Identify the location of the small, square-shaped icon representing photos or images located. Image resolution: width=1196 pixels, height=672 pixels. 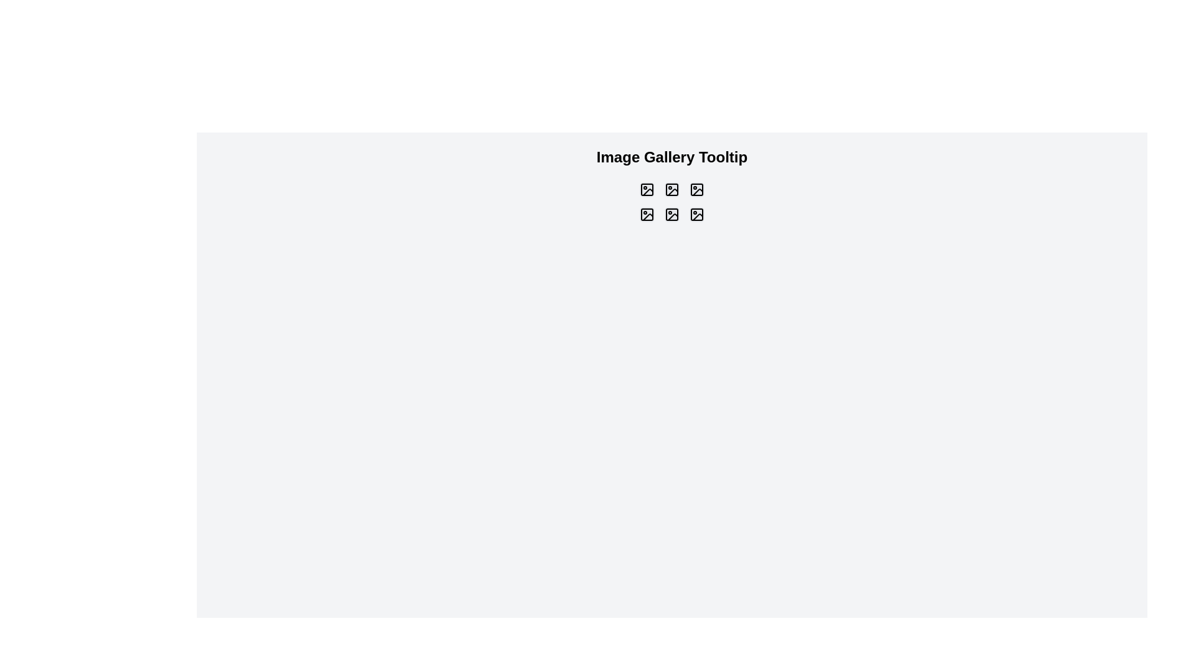
(696, 189).